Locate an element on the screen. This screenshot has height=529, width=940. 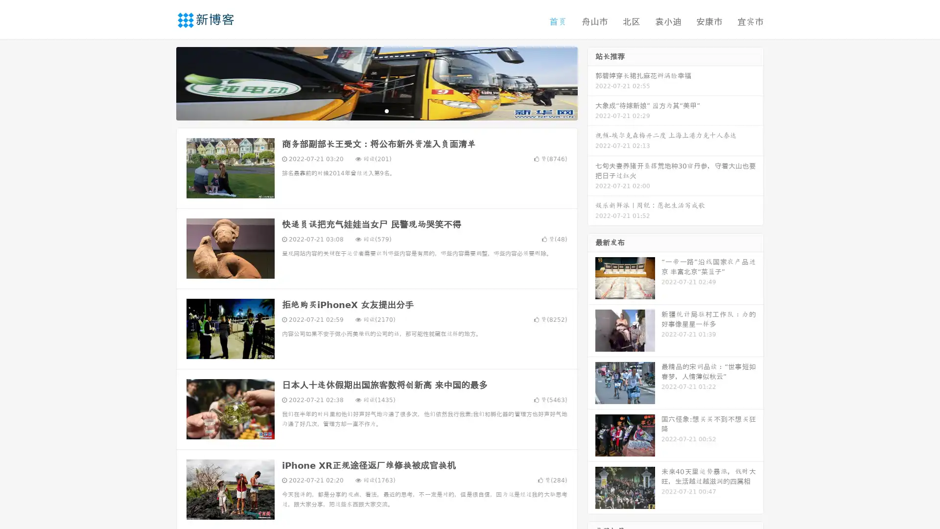
Go to slide 1 is located at coordinates (366, 110).